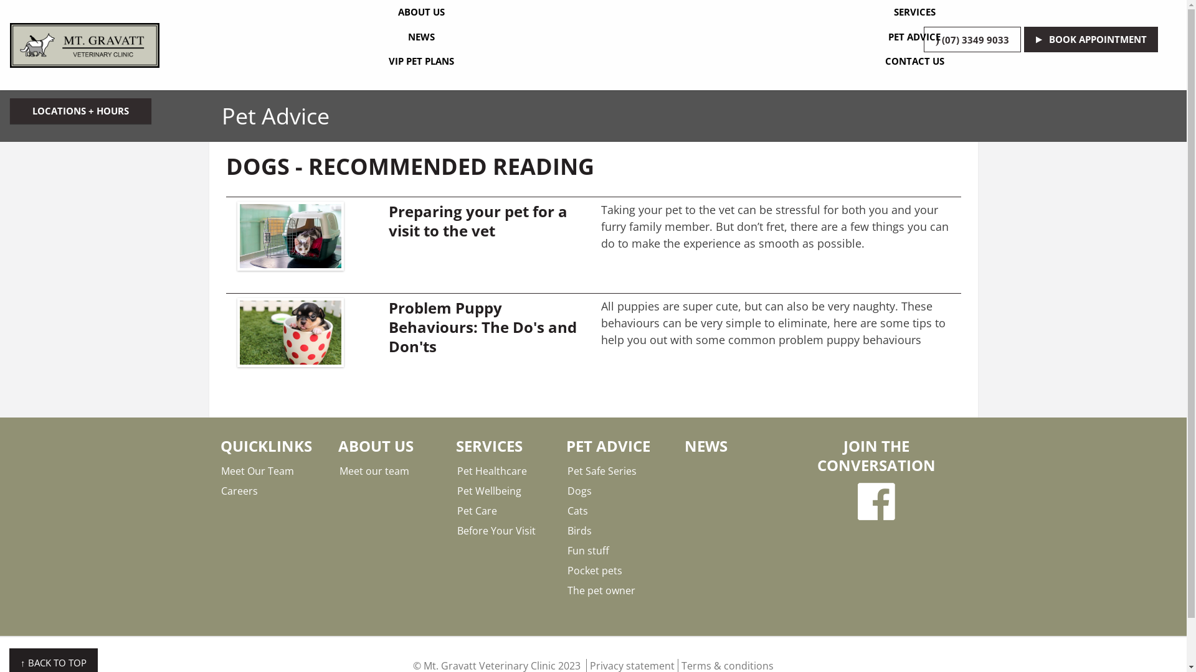  I want to click on 'Meet our team', so click(389, 470).